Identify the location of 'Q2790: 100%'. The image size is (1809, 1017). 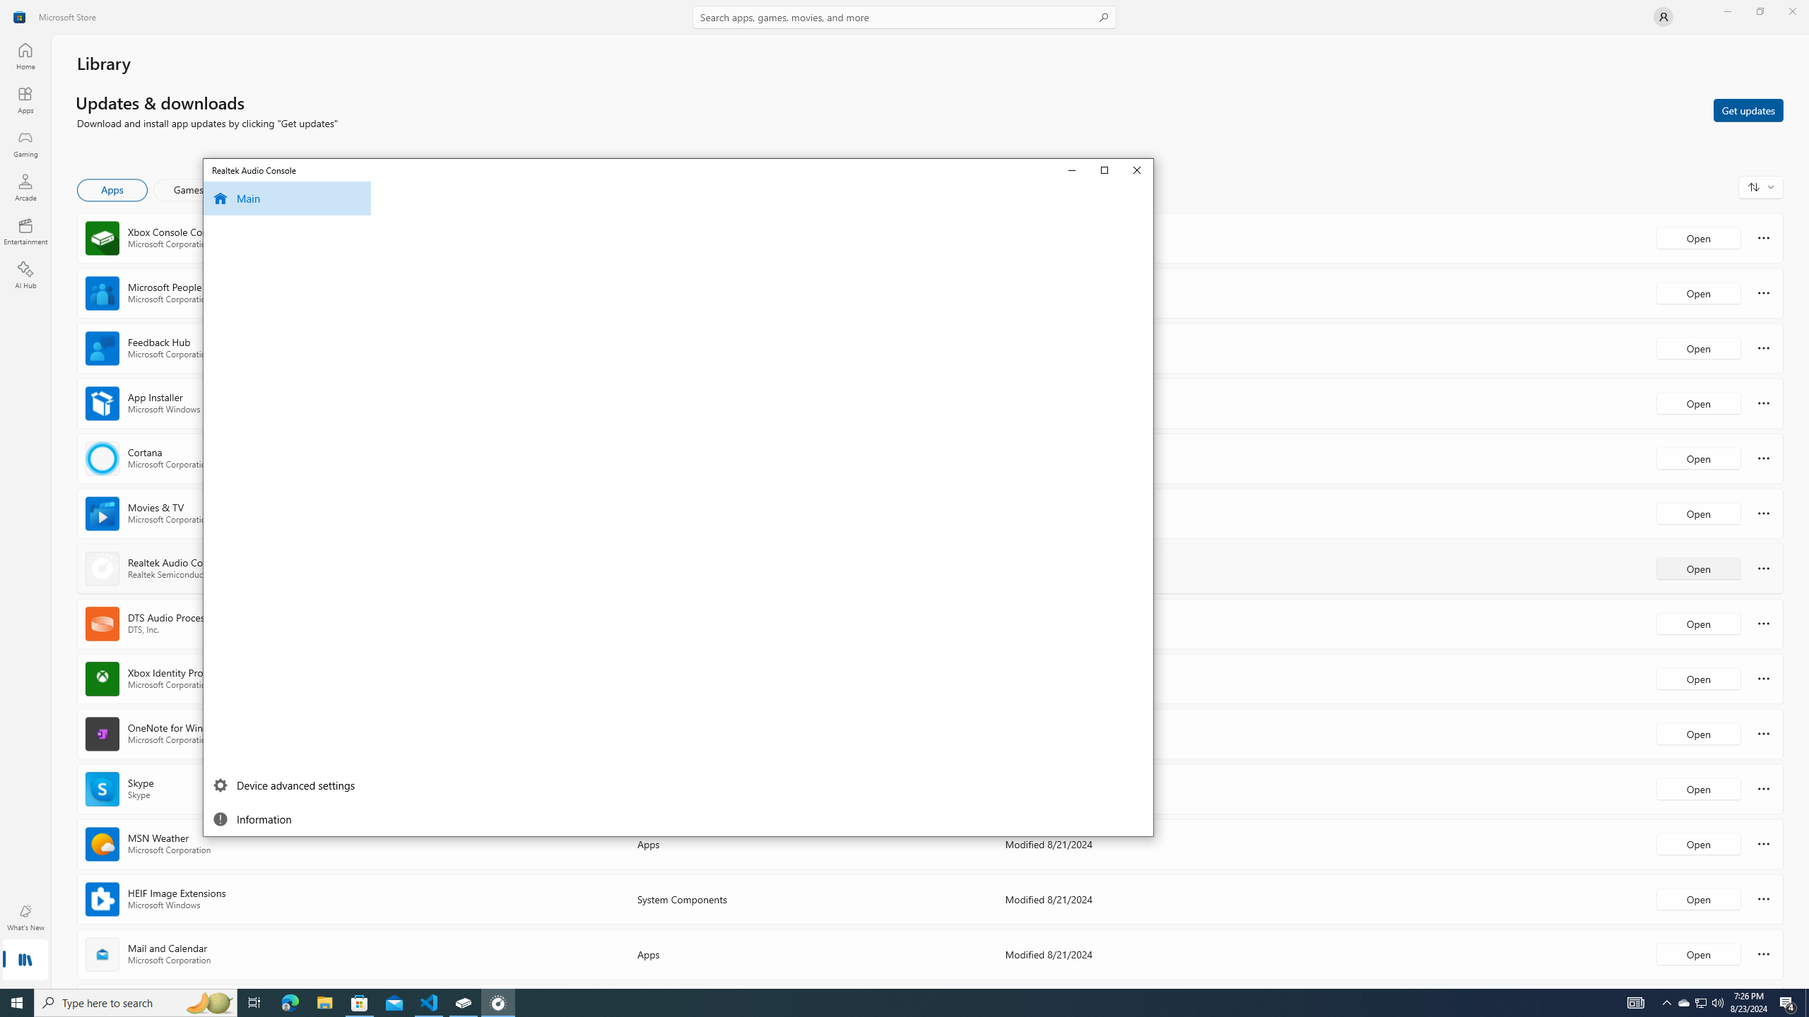
(1716, 1001).